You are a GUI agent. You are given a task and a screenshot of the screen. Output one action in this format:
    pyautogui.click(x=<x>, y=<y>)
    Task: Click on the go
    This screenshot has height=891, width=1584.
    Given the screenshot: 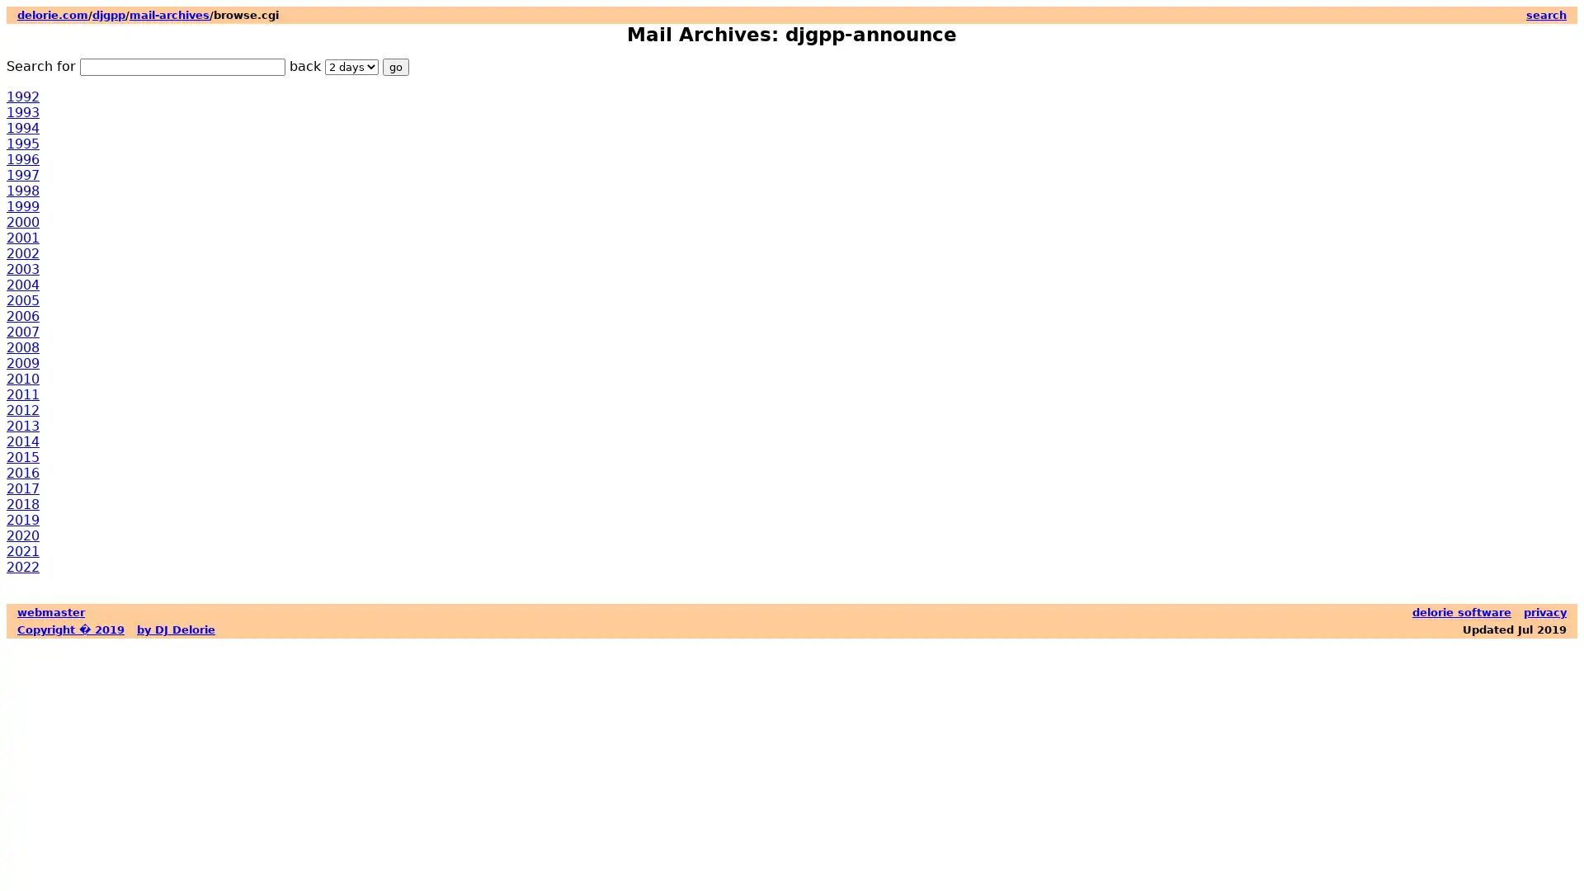 What is the action you would take?
    pyautogui.click(x=396, y=66)
    